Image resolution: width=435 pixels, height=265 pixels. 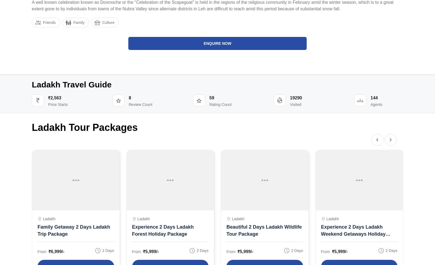 What do you see at coordinates (377, 140) in the screenshot?
I see `'chevron_left'` at bounding box center [377, 140].